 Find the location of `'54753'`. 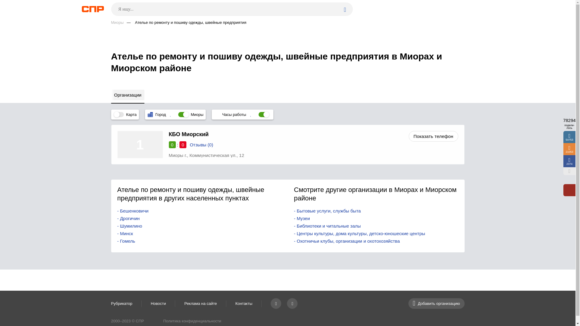

'54753' is located at coordinates (569, 137).